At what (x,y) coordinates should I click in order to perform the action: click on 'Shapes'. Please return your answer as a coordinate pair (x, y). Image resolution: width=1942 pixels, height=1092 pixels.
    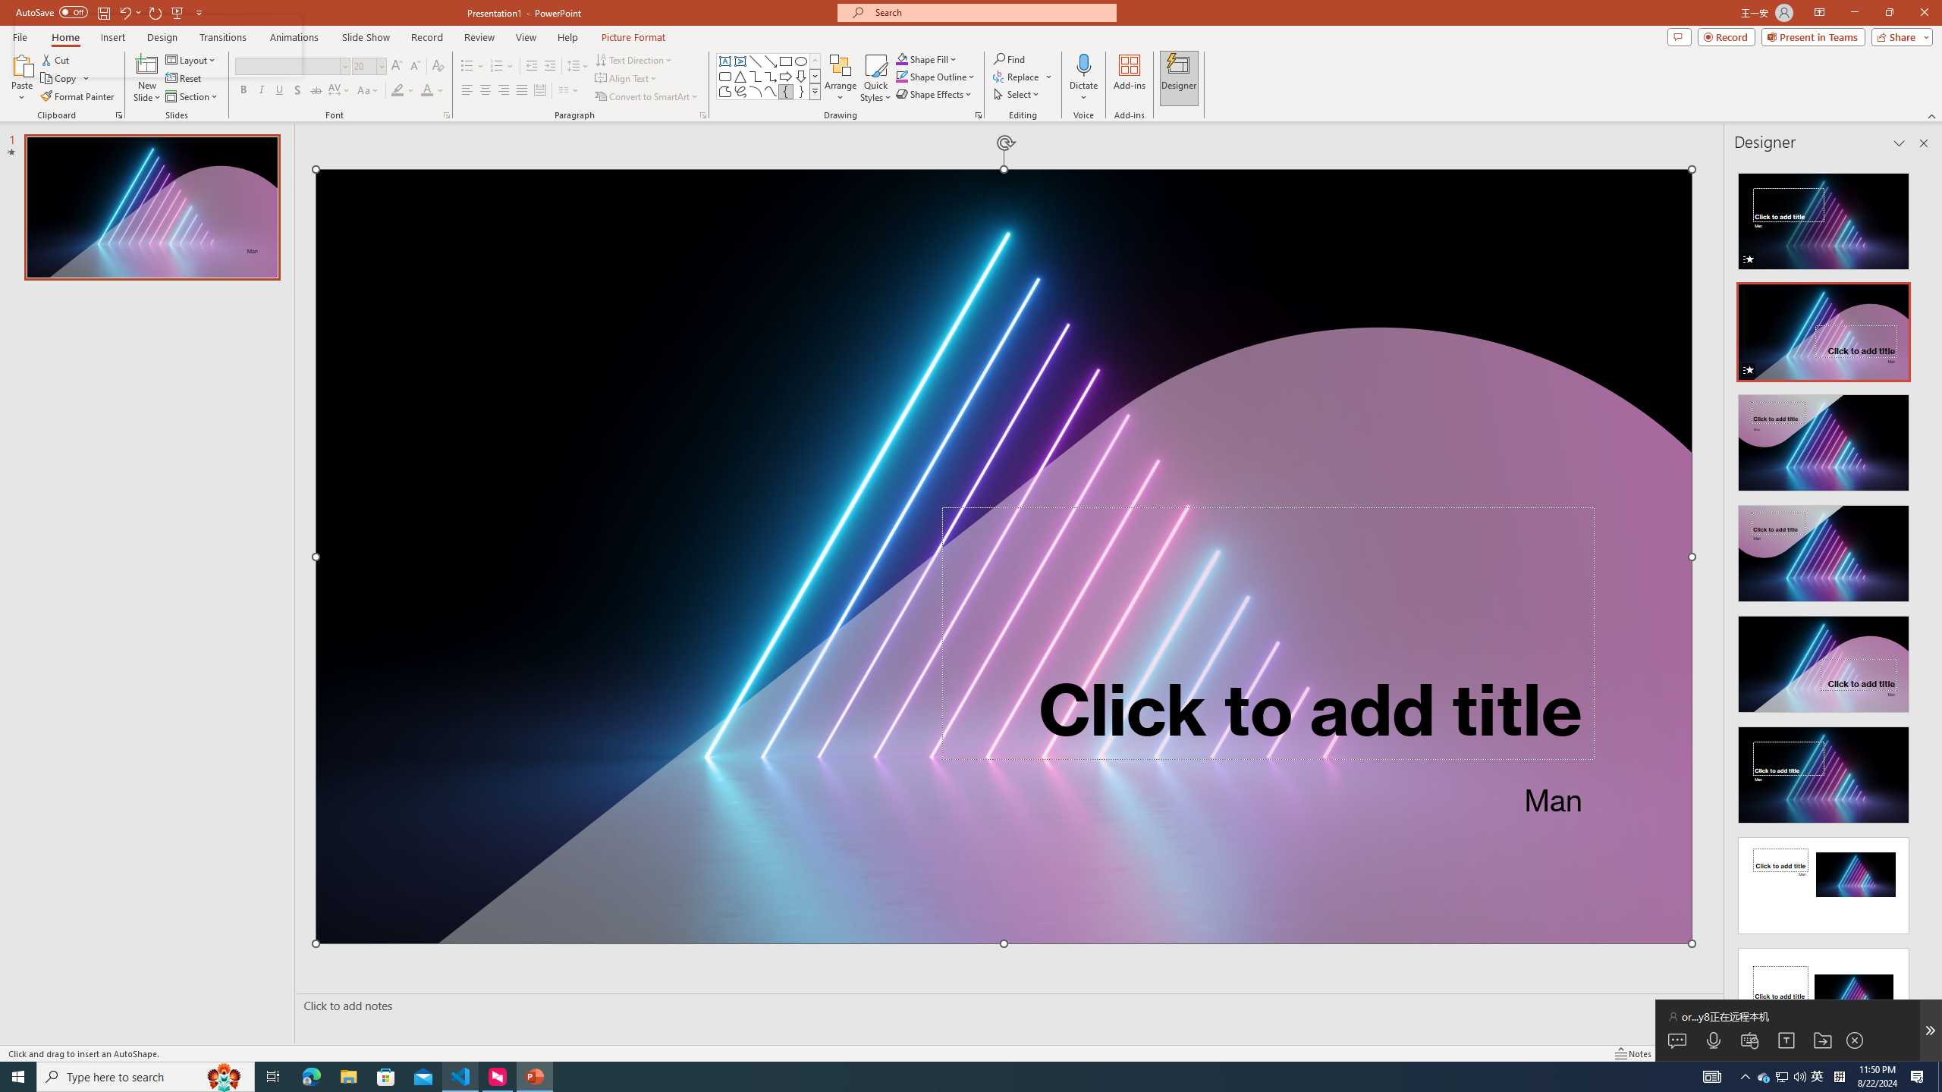
    Looking at the image, I should click on (815, 90).